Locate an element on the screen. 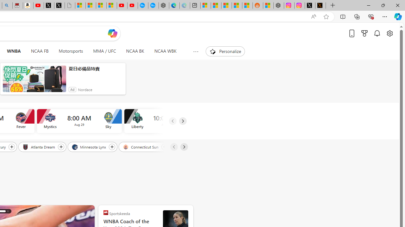 The image size is (405, 227). 'Mystics vs Sky Time 8:00 AM Date Aug 29' is located at coordinates (79, 121).